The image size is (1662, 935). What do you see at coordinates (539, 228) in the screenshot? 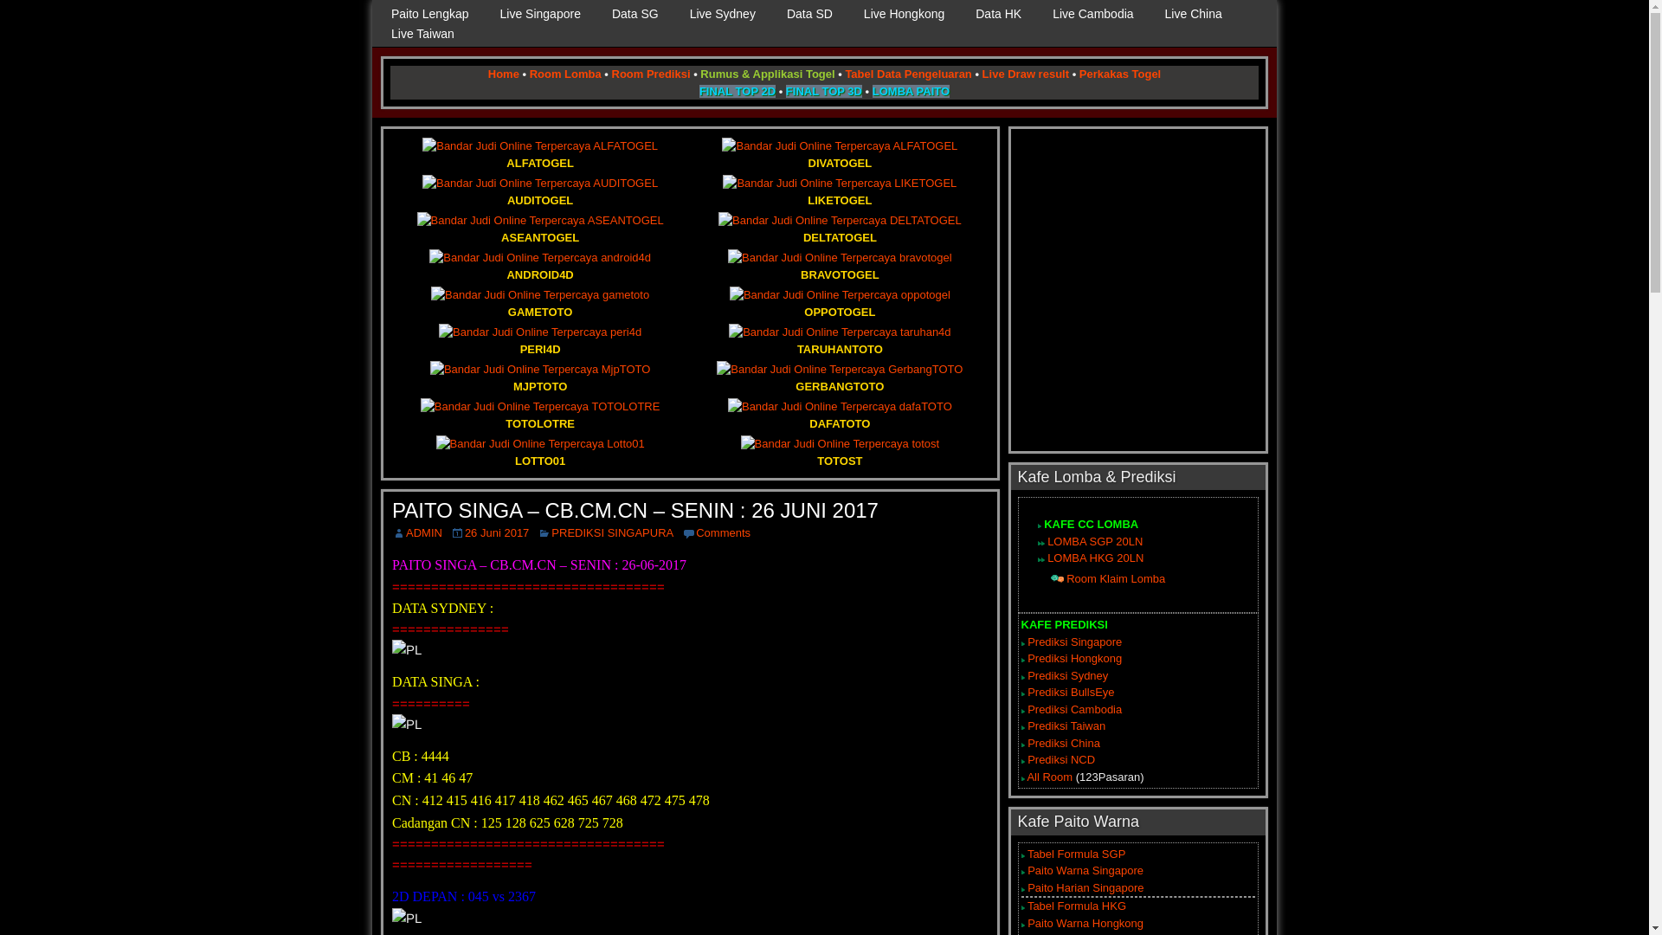
I see `'ASEANTOGEL'` at bounding box center [539, 228].